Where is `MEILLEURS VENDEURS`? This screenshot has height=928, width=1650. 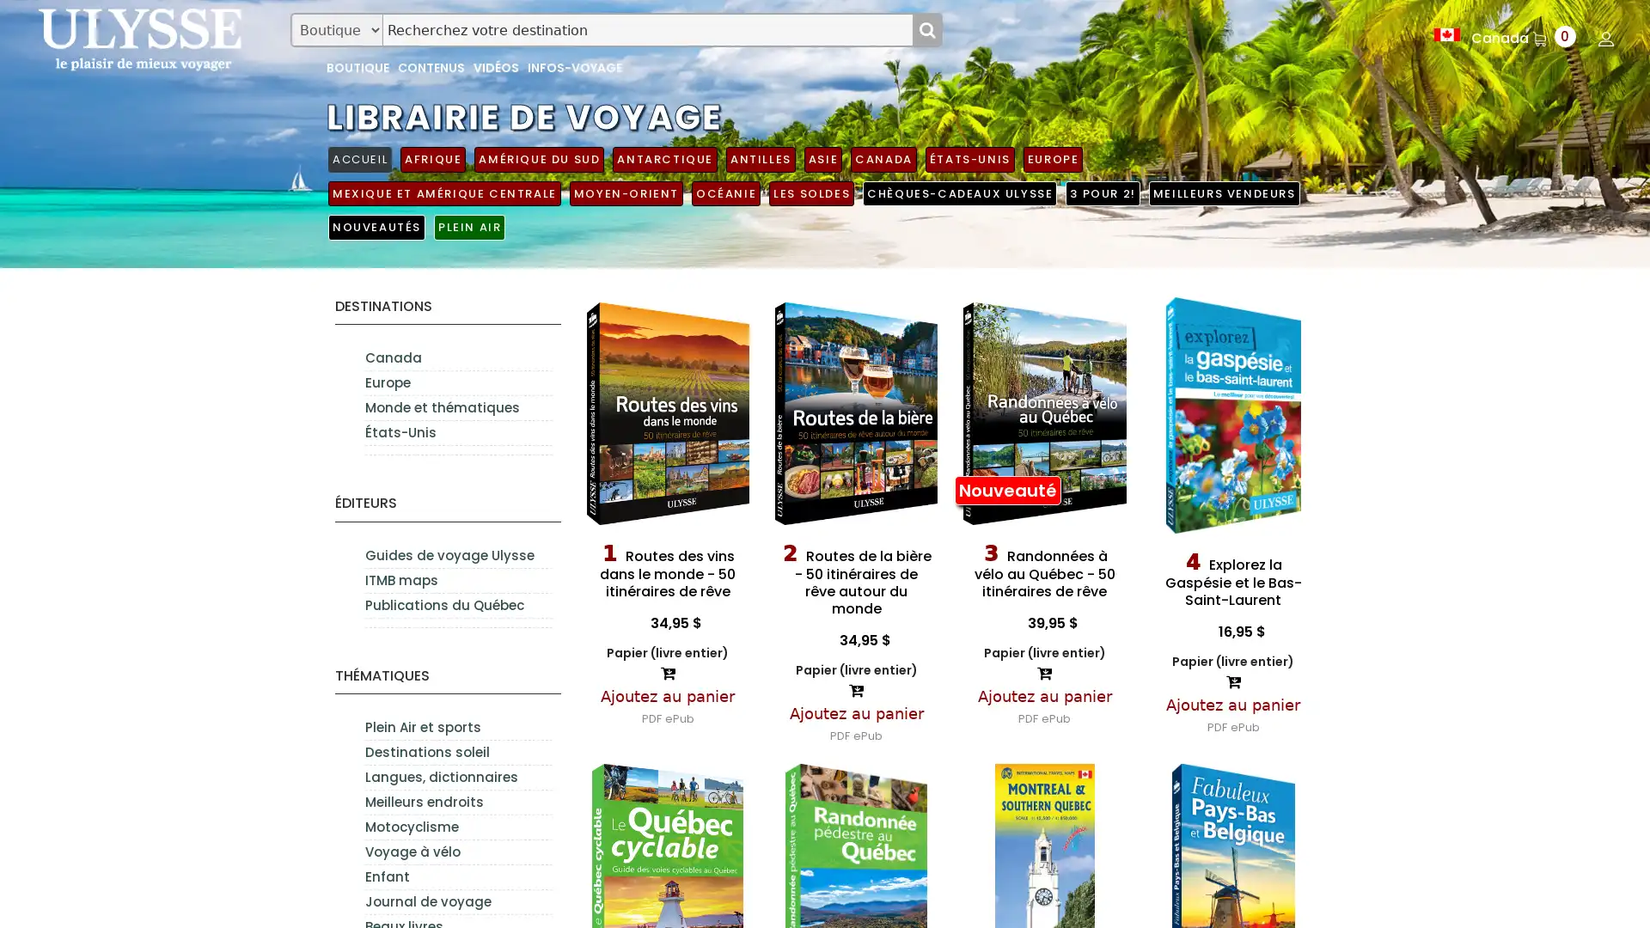 MEILLEURS VENDEURS is located at coordinates (1223, 192).